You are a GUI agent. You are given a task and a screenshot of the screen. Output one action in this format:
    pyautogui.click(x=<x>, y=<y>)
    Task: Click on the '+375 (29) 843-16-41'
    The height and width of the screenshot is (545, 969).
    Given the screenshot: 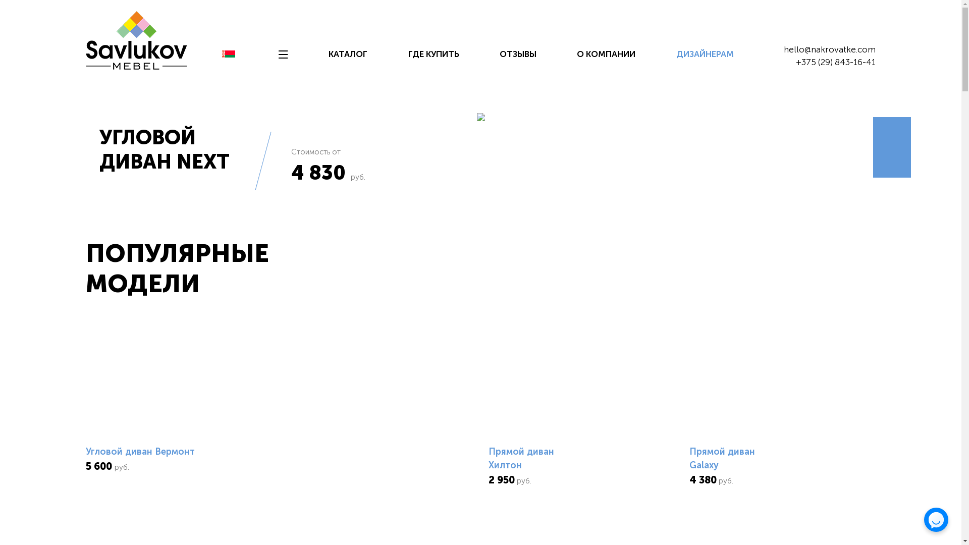 What is the action you would take?
    pyautogui.click(x=836, y=62)
    